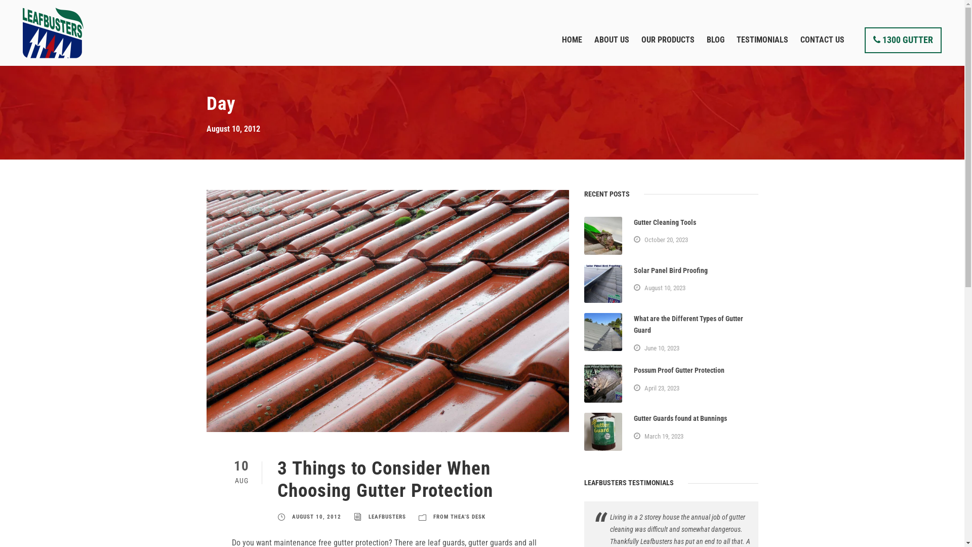 This screenshot has width=972, height=547. What do you see at coordinates (386, 517) in the screenshot?
I see `'LEAFBUSTERS'` at bounding box center [386, 517].